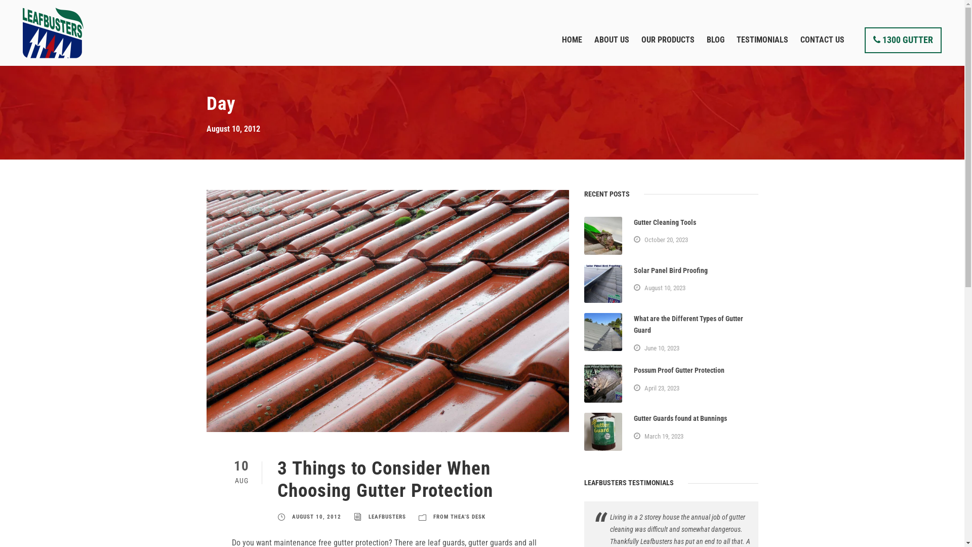 This screenshot has width=972, height=547. What do you see at coordinates (386, 517) in the screenshot?
I see `'LEAFBUSTERS'` at bounding box center [386, 517].